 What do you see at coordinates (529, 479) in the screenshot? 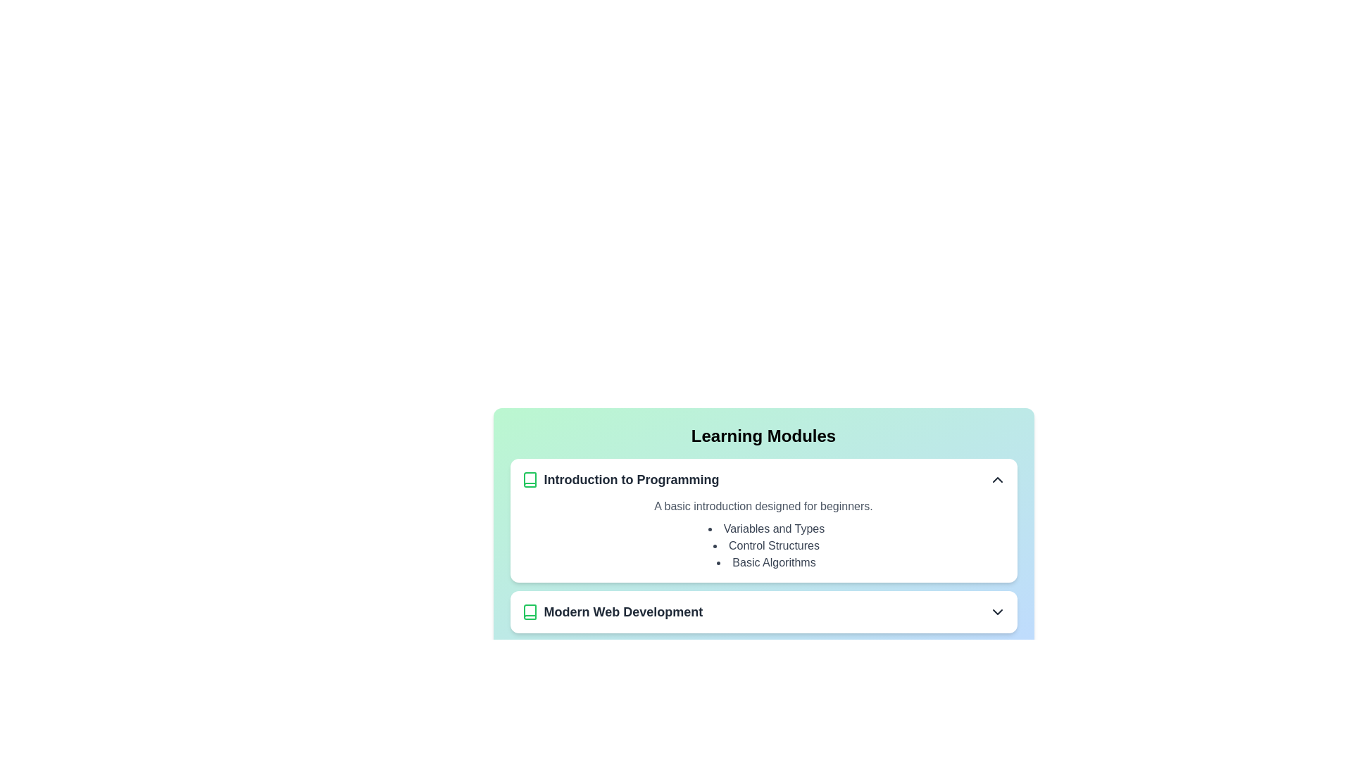
I see `the green book icon located to the left of the 'Introduction to Programming' text within the 'Learning Modules' section` at bounding box center [529, 479].